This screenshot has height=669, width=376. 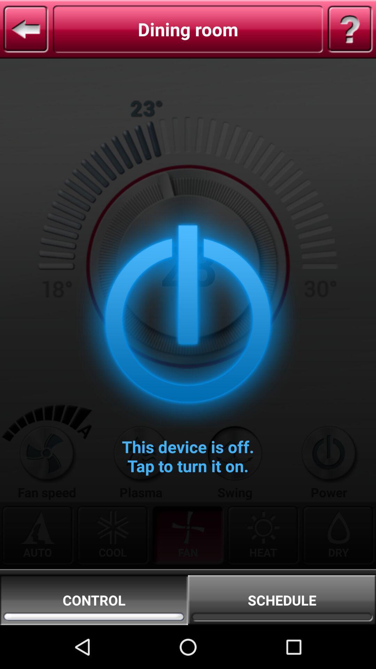 I want to click on the power icon, so click(x=329, y=485).